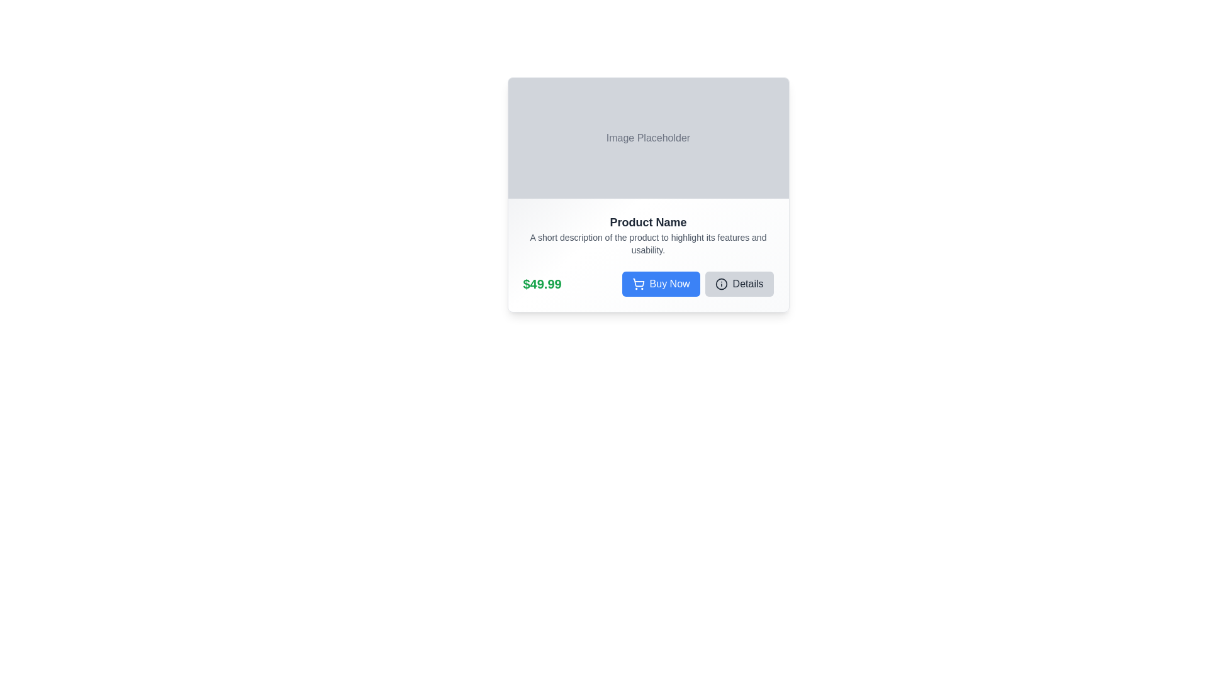 This screenshot has height=679, width=1208. What do you see at coordinates (648, 138) in the screenshot?
I see `placeholder text label located within a light gray rectangular card, positioned centrally above the product title and description area` at bounding box center [648, 138].